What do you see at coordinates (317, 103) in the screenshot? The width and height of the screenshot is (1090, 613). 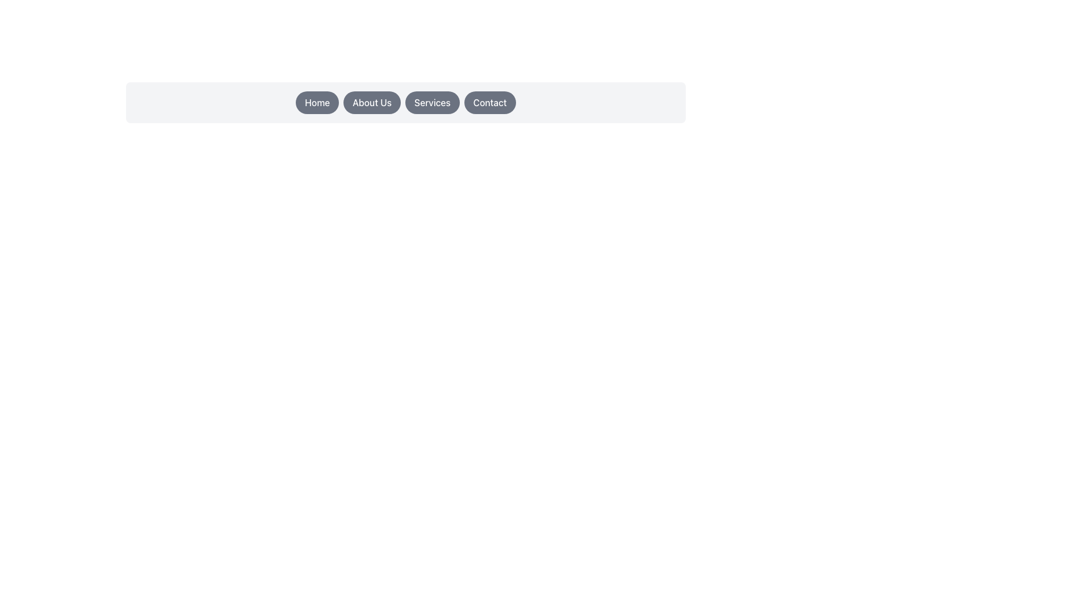 I see `the gray 'Home' button with rounded corners` at bounding box center [317, 103].